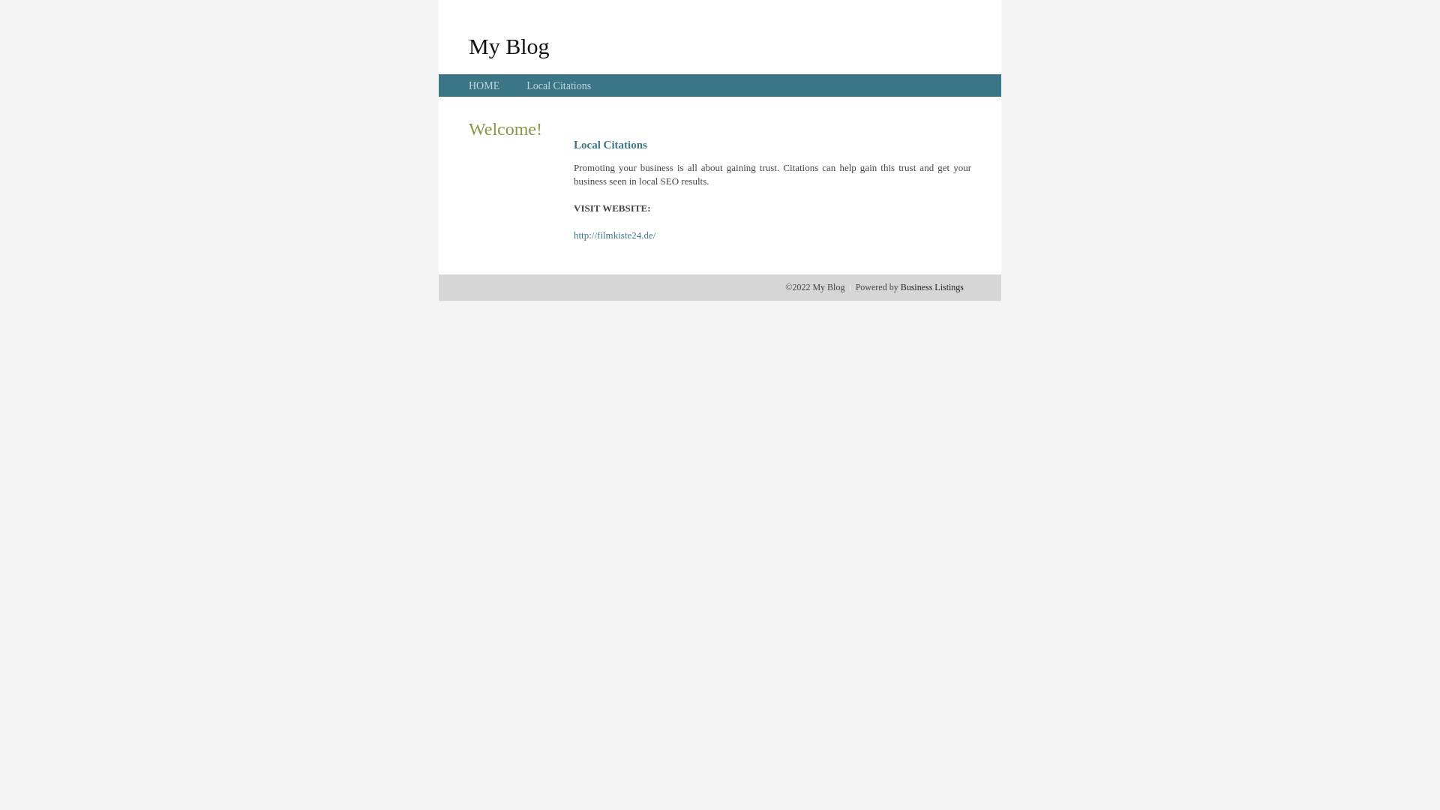 The width and height of the screenshot is (1440, 810). I want to click on 'http://filmkiste24.de/', so click(572, 235).